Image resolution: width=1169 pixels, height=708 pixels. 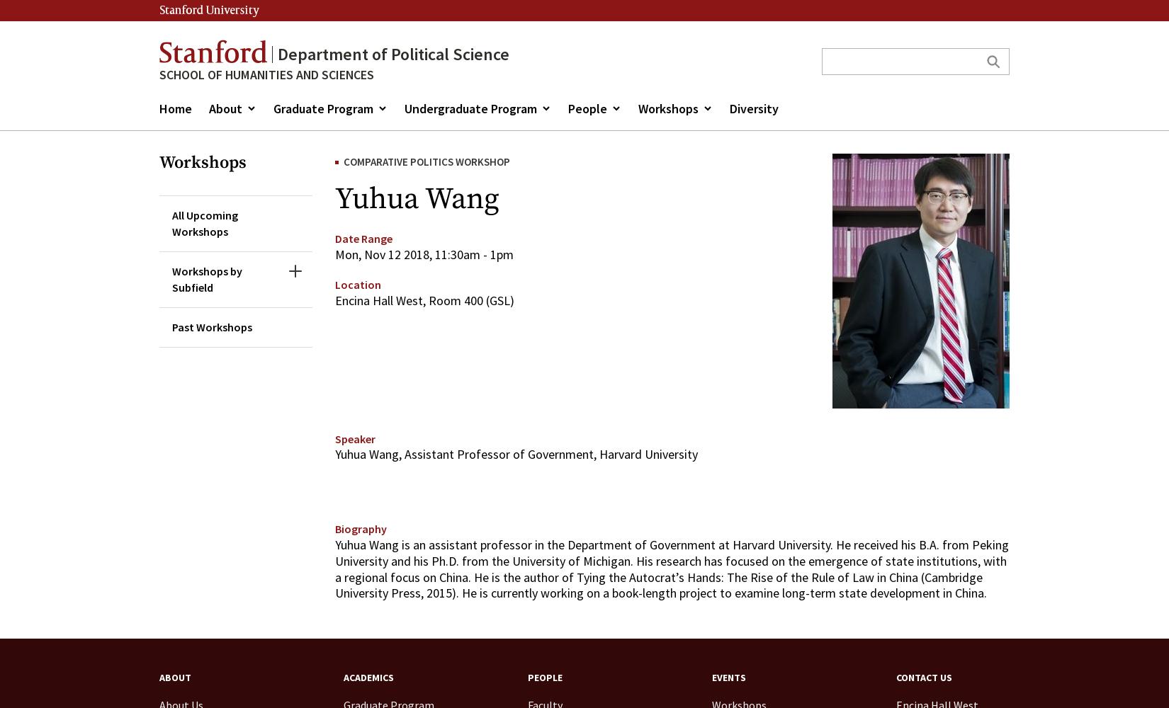 I want to click on 'Speaker', so click(x=354, y=438).